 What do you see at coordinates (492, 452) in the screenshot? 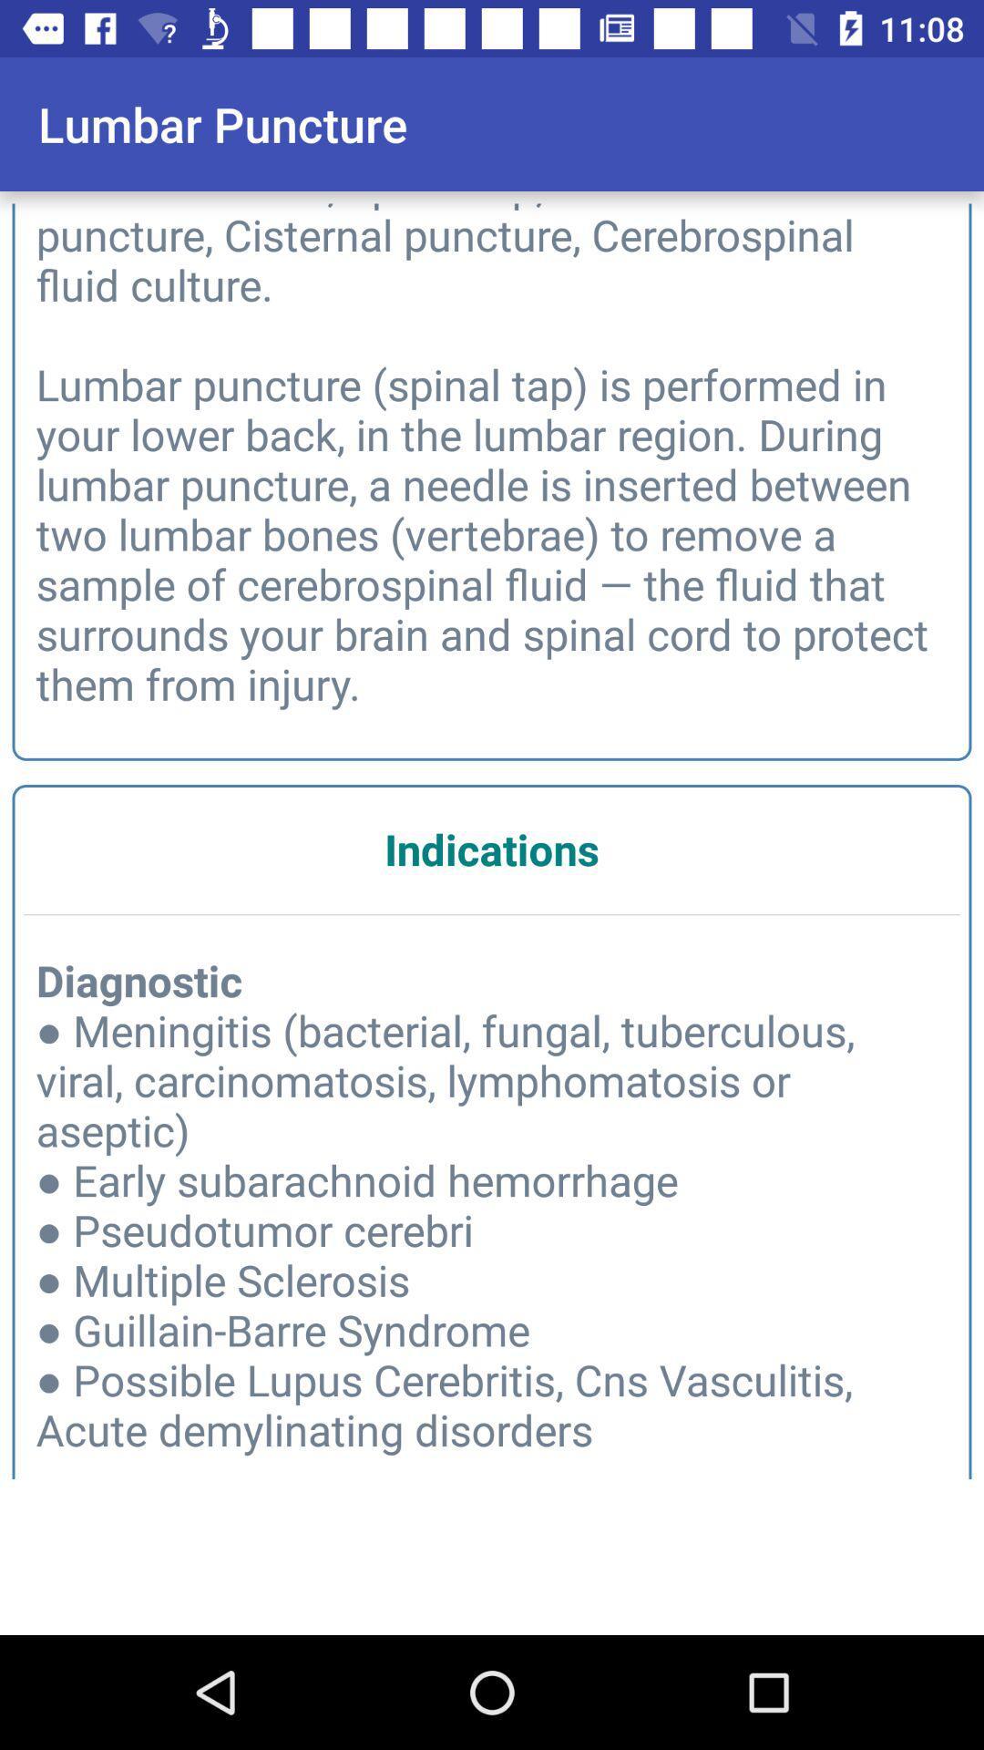
I see `app below lumbar puncture` at bounding box center [492, 452].